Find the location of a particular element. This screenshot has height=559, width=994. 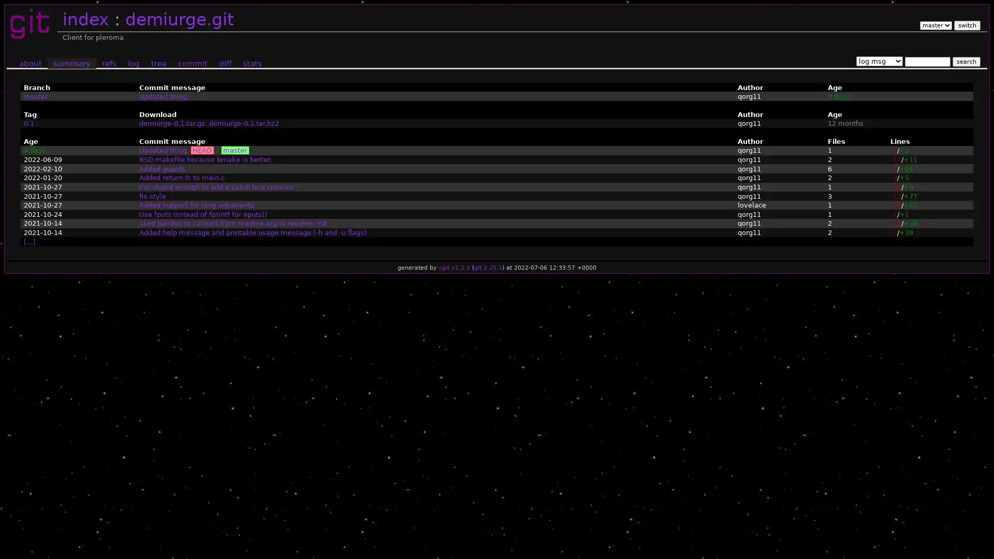

search is located at coordinates (966, 61).